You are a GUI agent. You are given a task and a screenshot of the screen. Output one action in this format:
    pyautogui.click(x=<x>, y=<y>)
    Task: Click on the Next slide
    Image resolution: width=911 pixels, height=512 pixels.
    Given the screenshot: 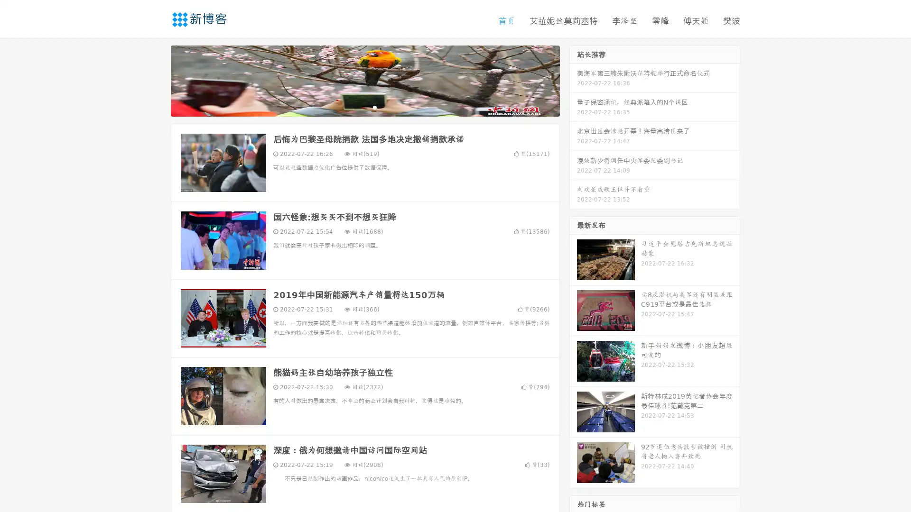 What is the action you would take?
    pyautogui.click(x=573, y=80)
    